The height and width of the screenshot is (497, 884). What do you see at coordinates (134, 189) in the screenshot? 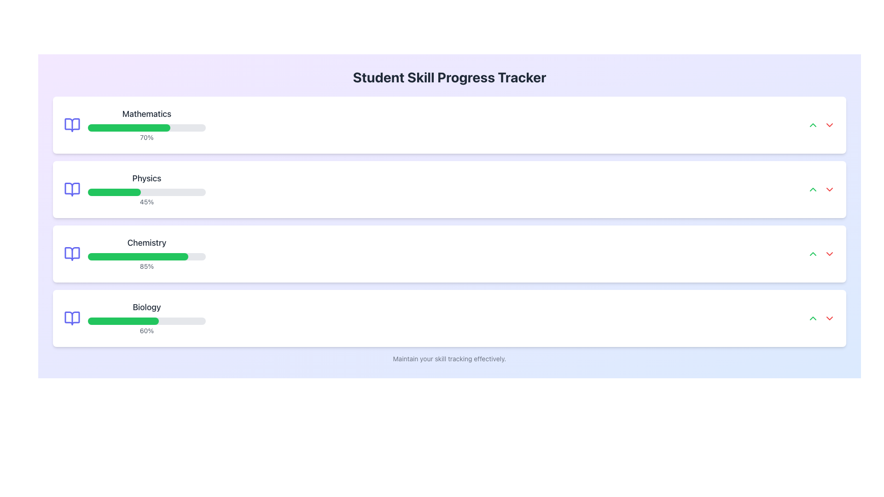
I see `the progress percentage of the 'Physics' skill progress indicator, which is the second progress indicator in a list of four, located centrally in the second row` at bounding box center [134, 189].